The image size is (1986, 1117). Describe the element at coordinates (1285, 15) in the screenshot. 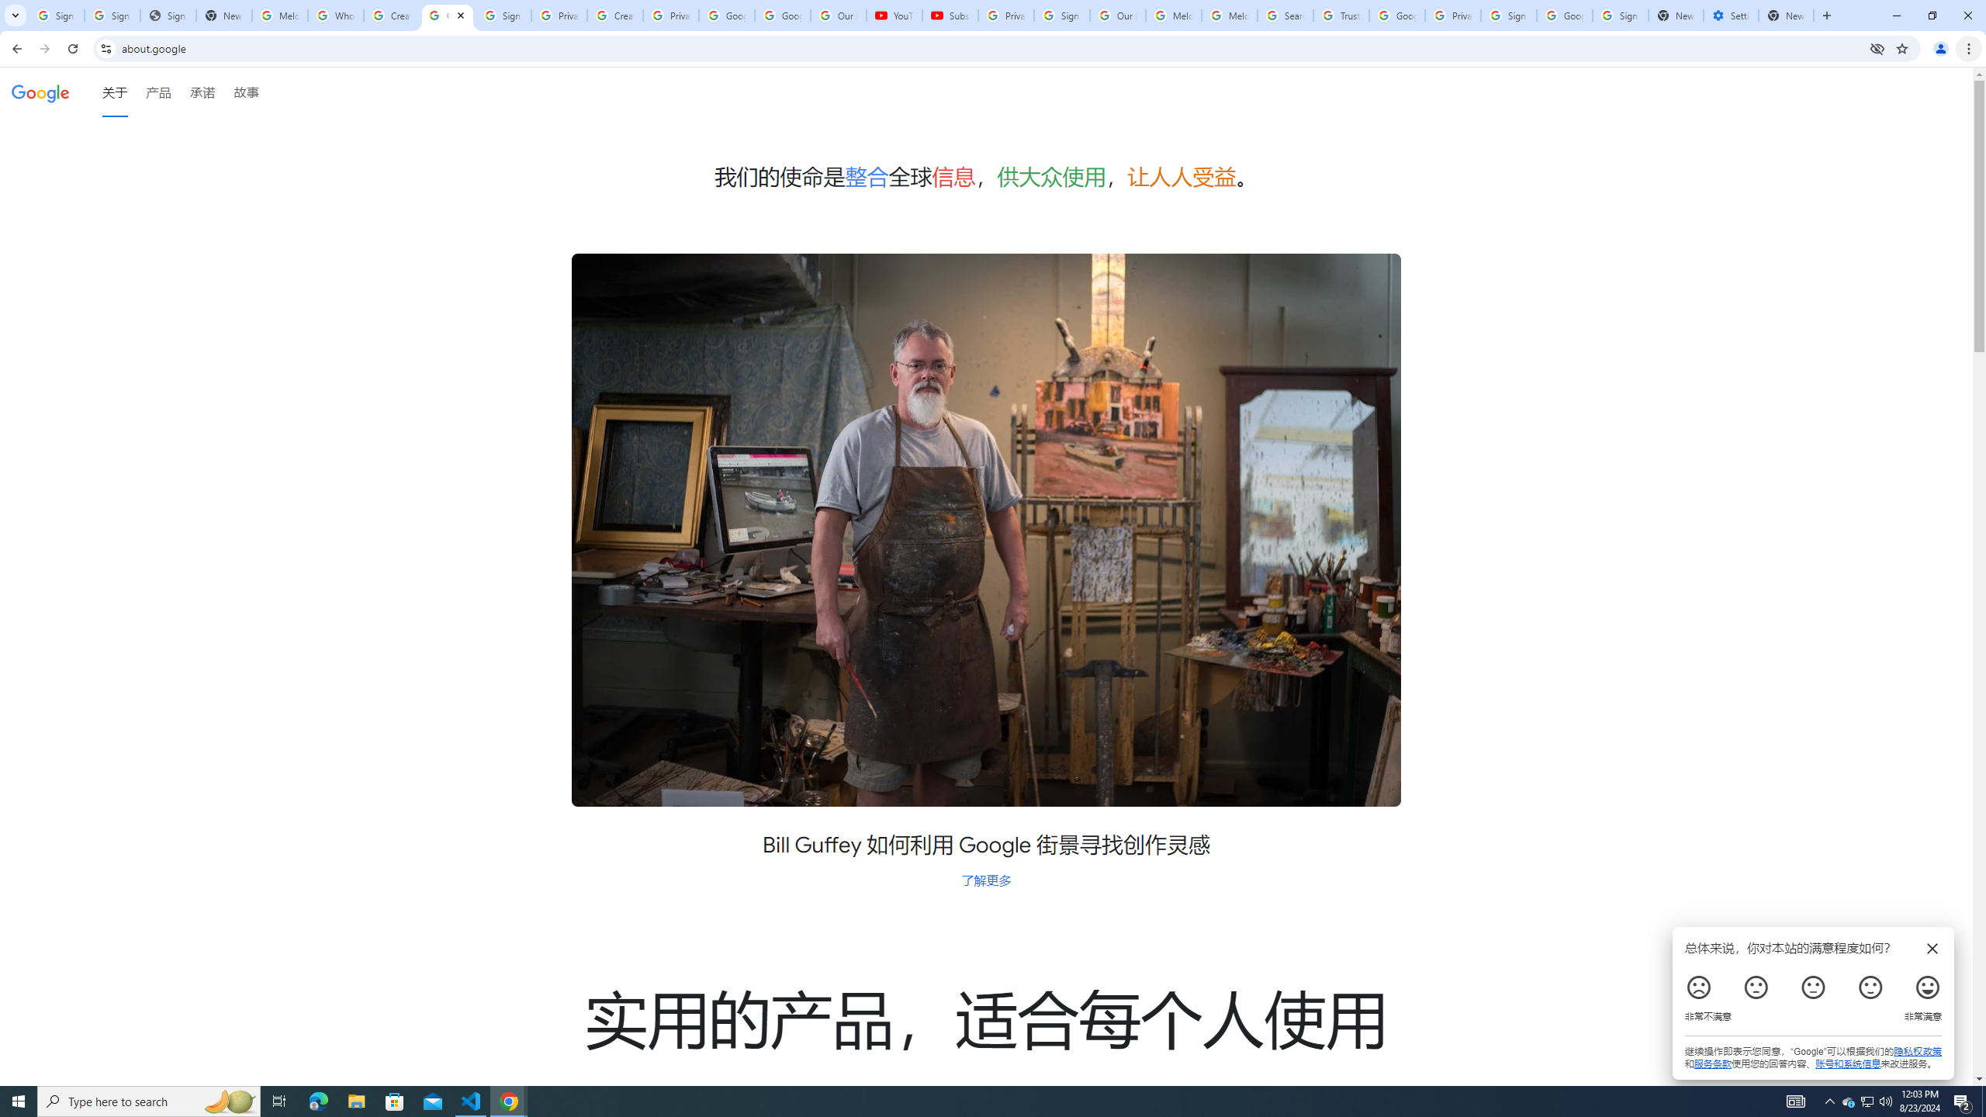

I see `'Search our Doodle Library Collection - Google Doodles'` at that location.